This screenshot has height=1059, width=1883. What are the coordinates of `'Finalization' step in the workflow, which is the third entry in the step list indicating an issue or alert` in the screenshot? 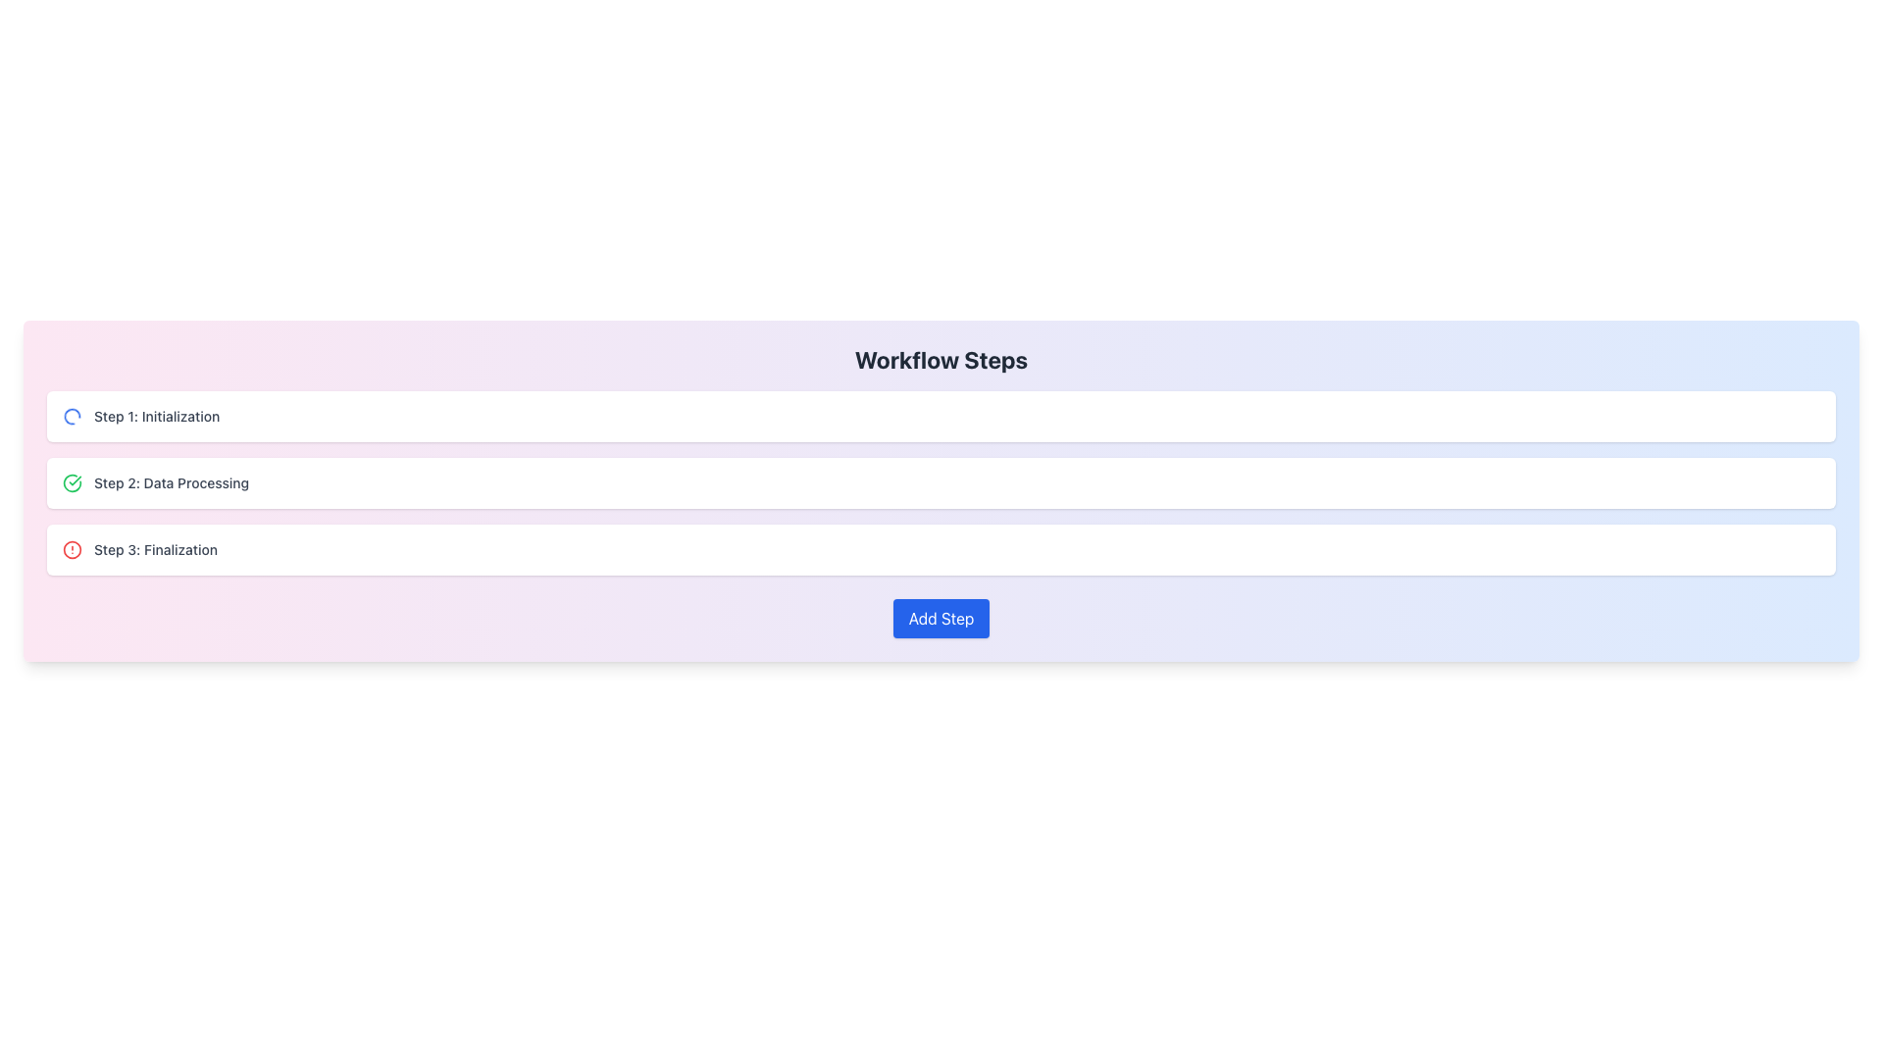 It's located at (139, 549).